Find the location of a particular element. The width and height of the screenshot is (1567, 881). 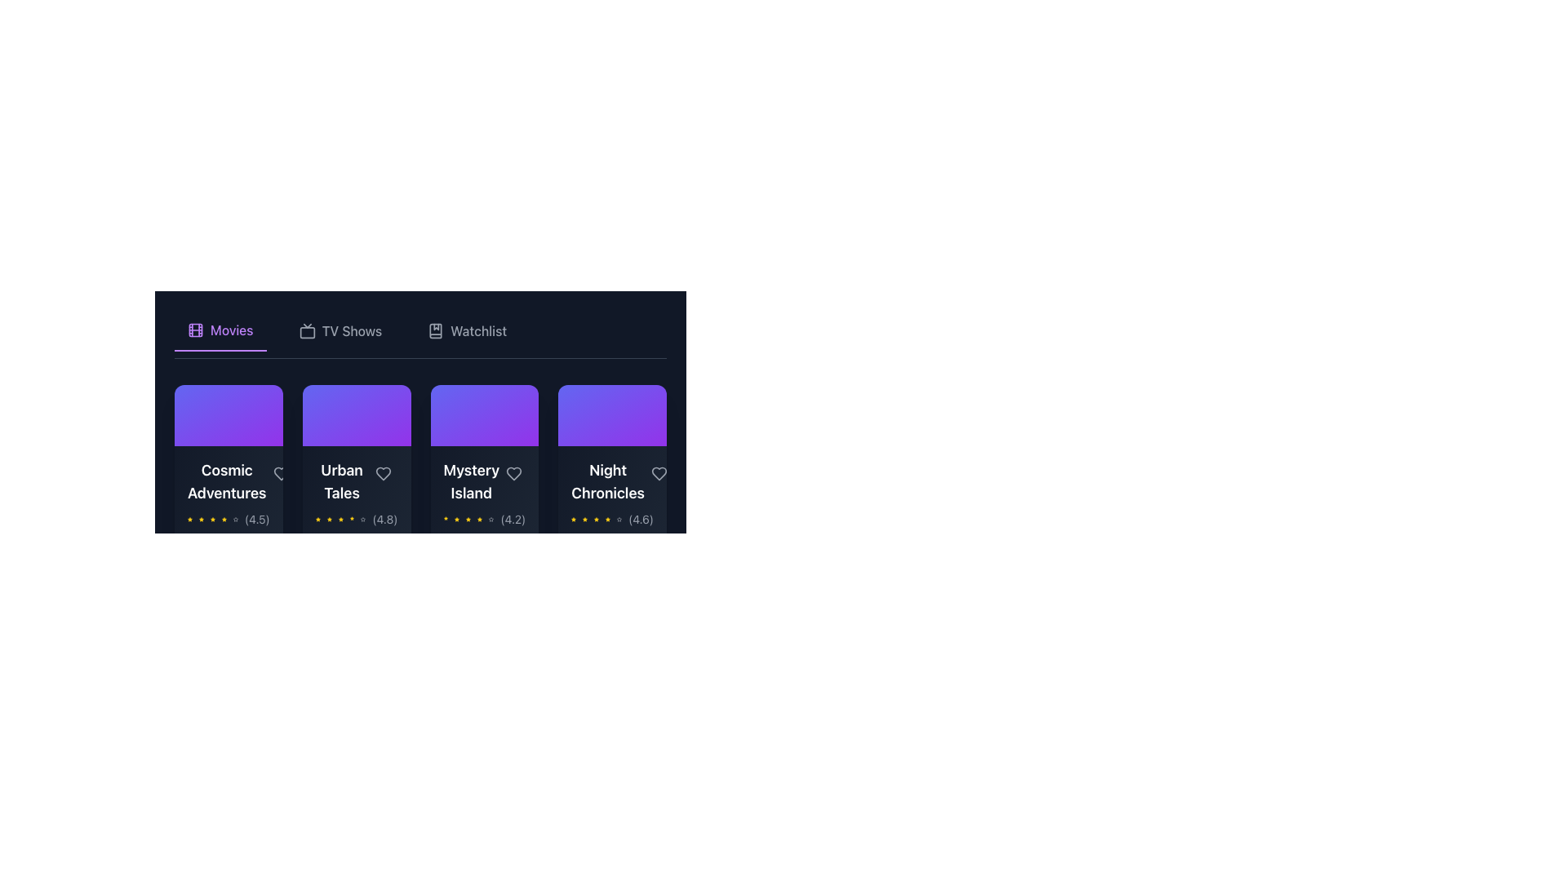

the visual state of the fifth yellow star icon, which represents a rating or favorite, located under the 'Night Chronicles' heading among a series of six stars is located at coordinates (607, 519).